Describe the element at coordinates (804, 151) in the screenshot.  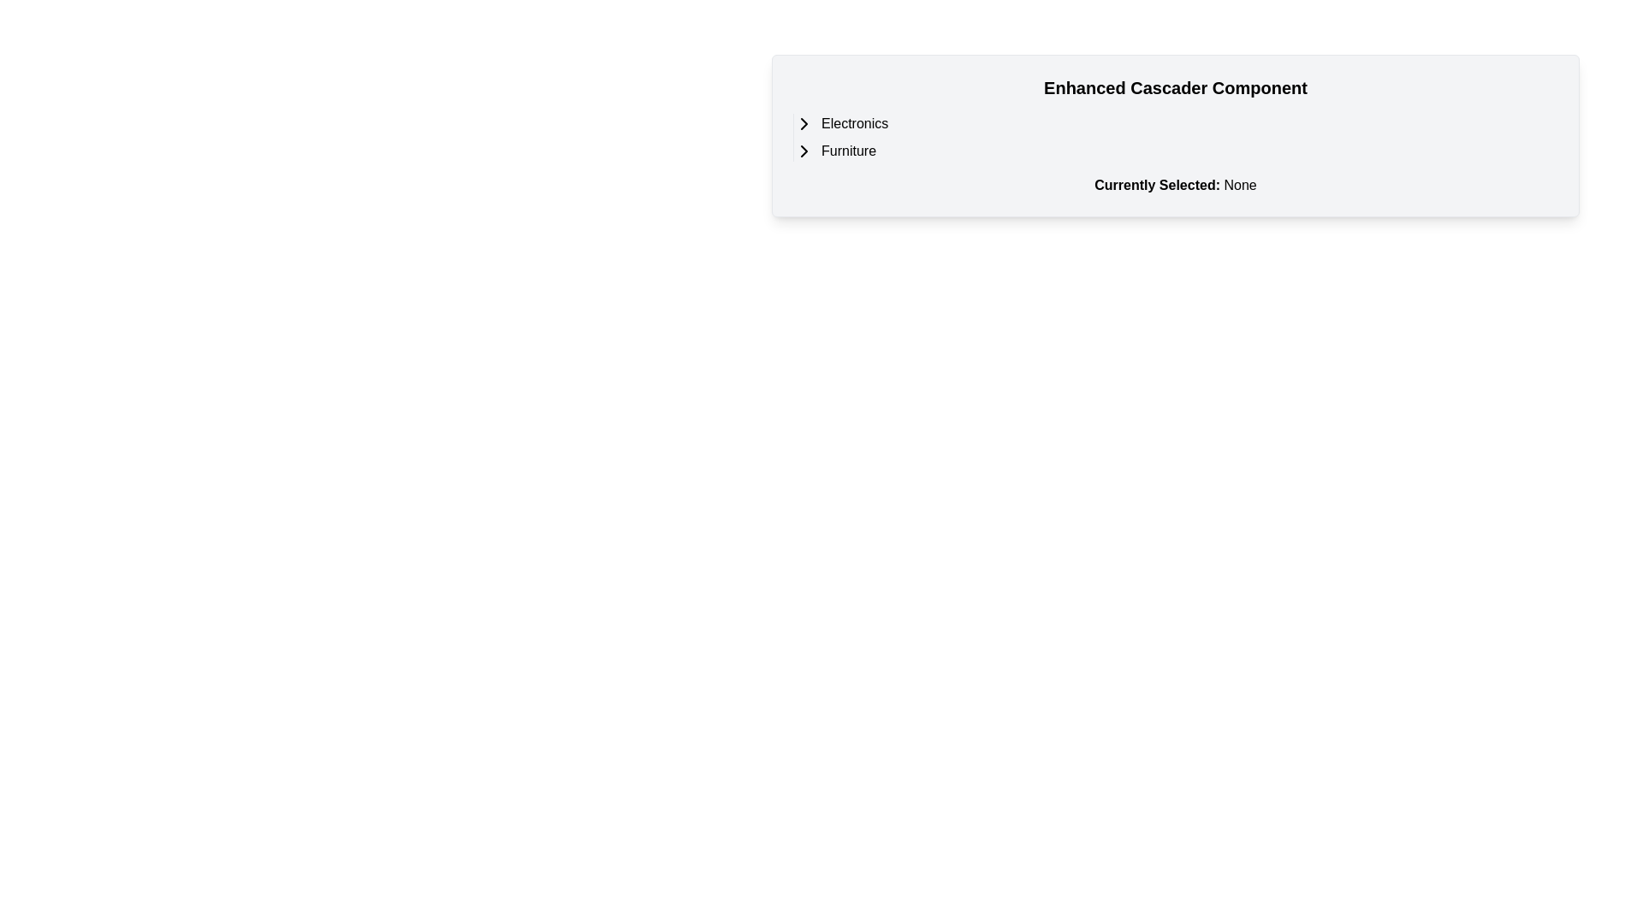
I see `the rightward-pointing arrow icon next to the text 'Furniture'` at that location.